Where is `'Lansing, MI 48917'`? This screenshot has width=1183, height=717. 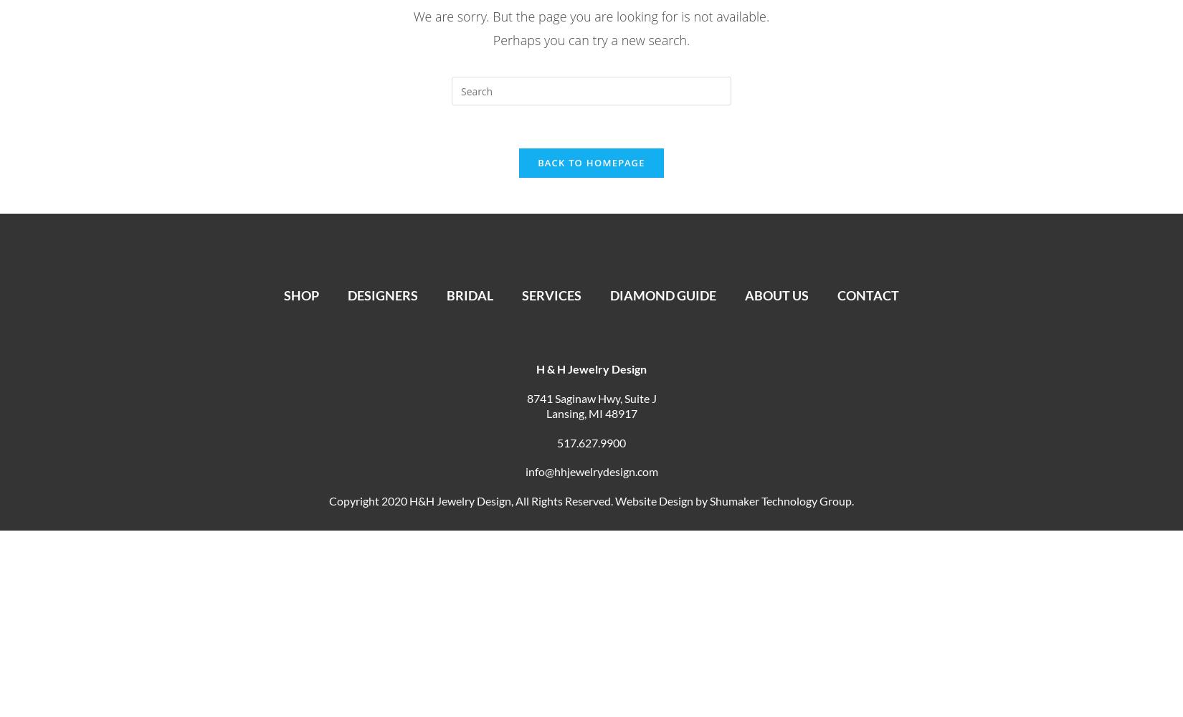
'Lansing, MI 48917' is located at coordinates (590, 412).